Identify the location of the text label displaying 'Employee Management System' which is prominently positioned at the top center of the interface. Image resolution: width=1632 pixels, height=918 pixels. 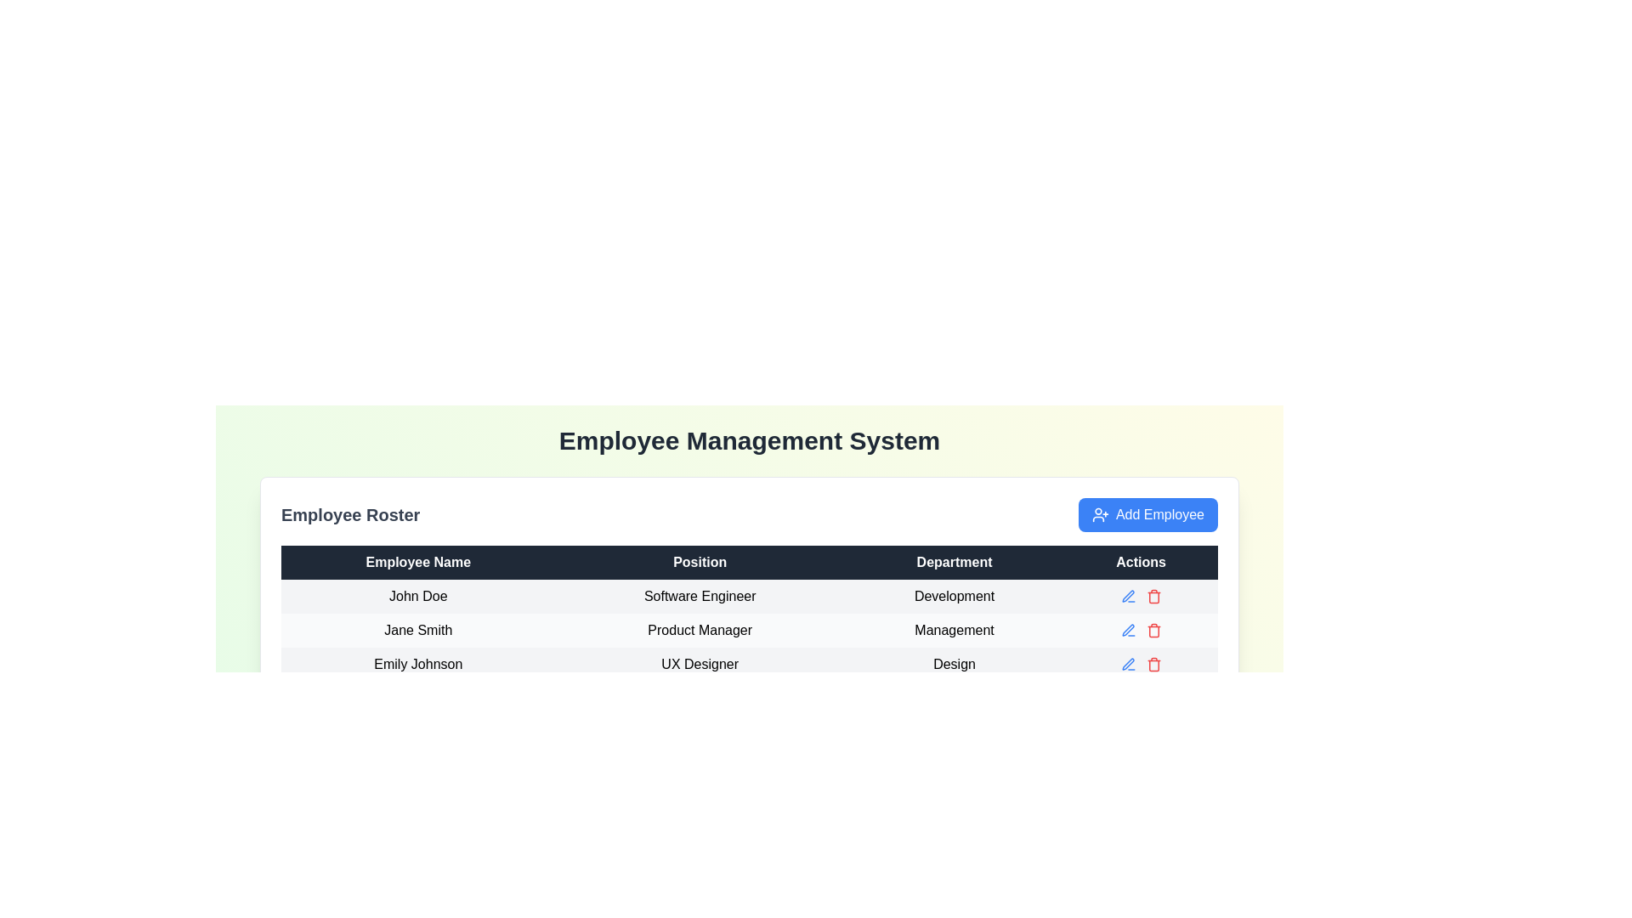
(749, 440).